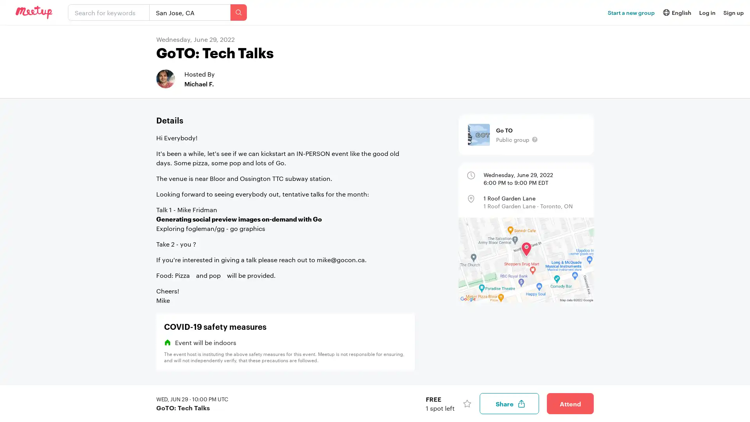  What do you see at coordinates (509, 404) in the screenshot?
I see `Share event` at bounding box center [509, 404].